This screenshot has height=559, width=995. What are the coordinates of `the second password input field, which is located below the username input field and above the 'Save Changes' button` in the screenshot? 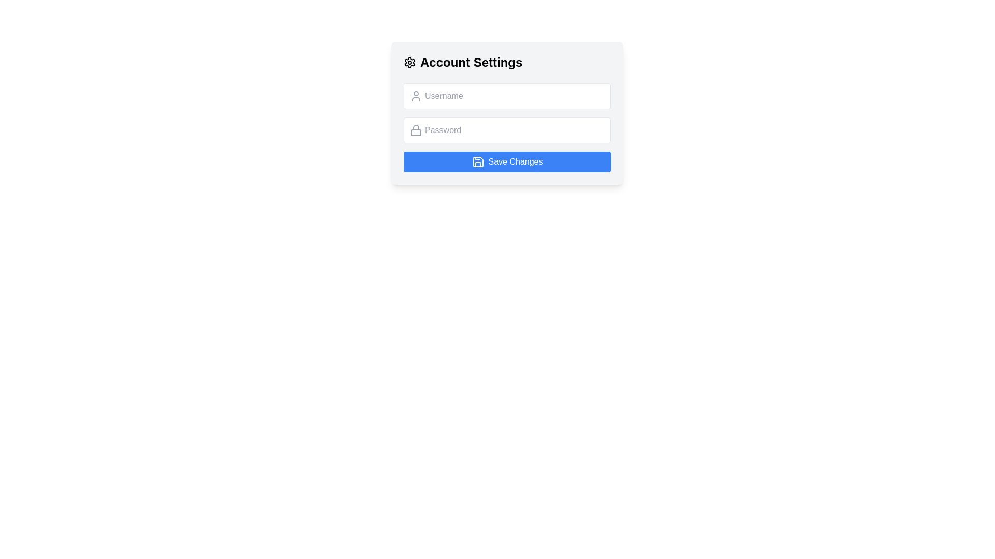 It's located at (507, 129).